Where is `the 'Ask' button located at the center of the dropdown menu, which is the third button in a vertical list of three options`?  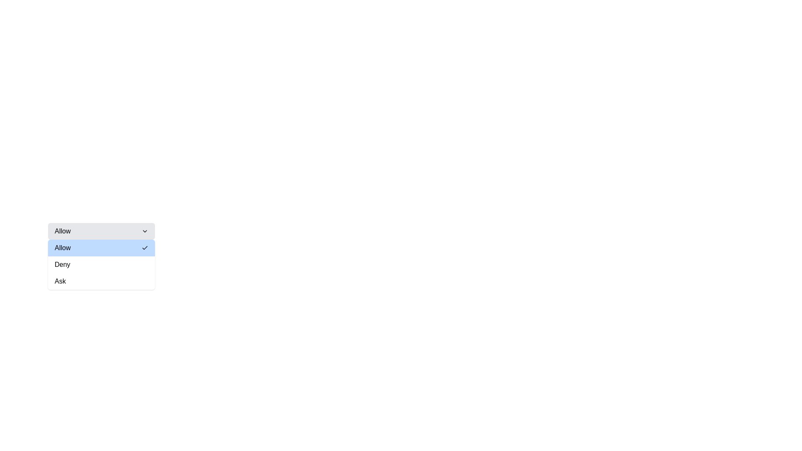
the 'Ask' button located at the center of the dropdown menu, which is the third button in a vertical list of three options is located at coordinates (101, 281).